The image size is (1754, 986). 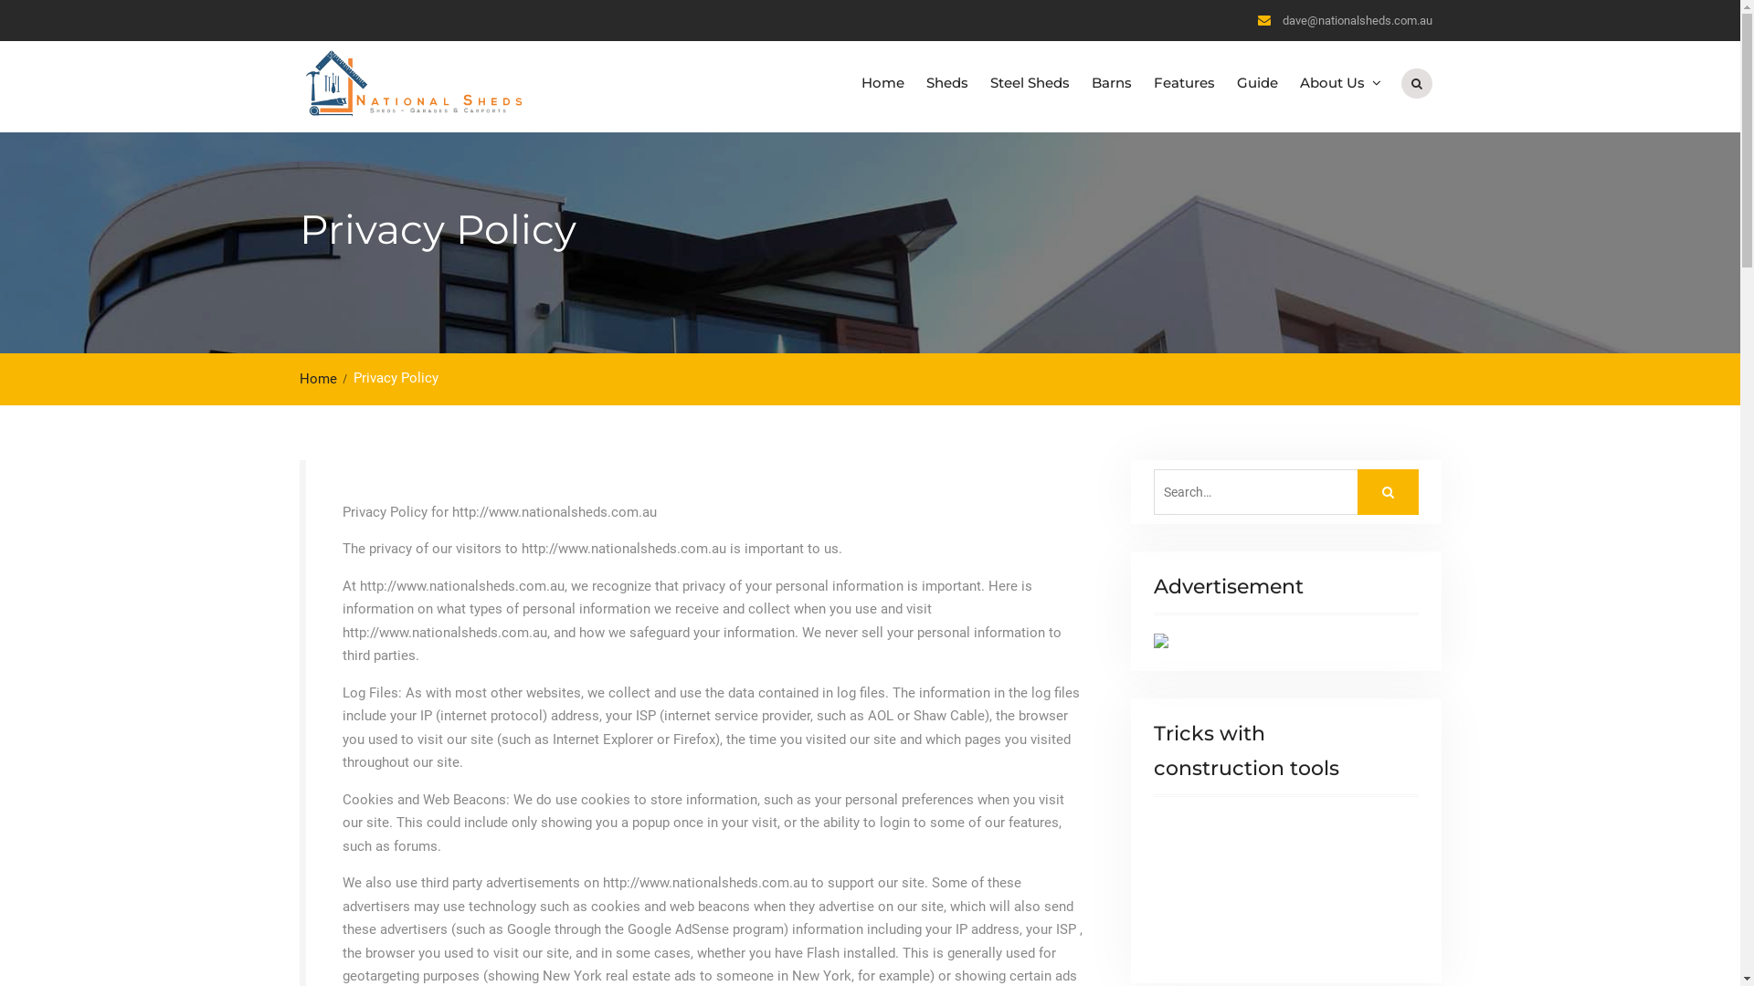 What do you see at coordinates (1183, 83) in the screenshot?
I see `'Features'` at bounding box center [1183, 83].